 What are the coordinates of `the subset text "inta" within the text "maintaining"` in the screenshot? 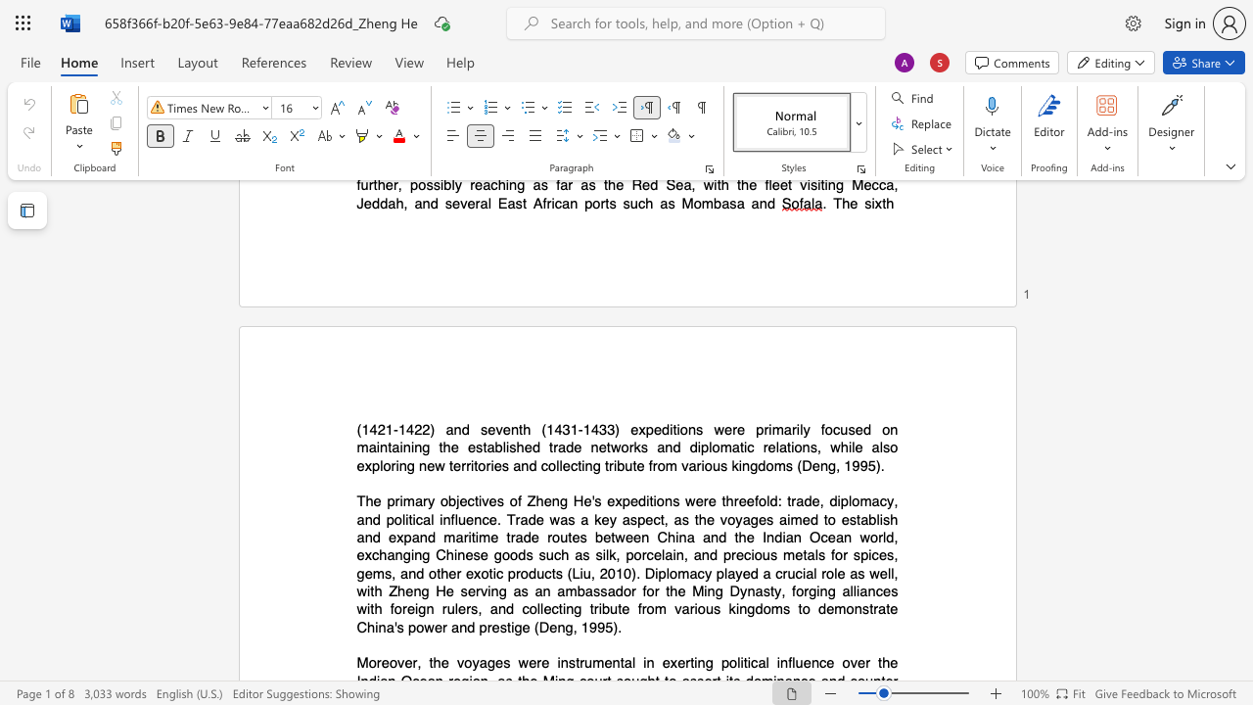 It's located at (376, 447).